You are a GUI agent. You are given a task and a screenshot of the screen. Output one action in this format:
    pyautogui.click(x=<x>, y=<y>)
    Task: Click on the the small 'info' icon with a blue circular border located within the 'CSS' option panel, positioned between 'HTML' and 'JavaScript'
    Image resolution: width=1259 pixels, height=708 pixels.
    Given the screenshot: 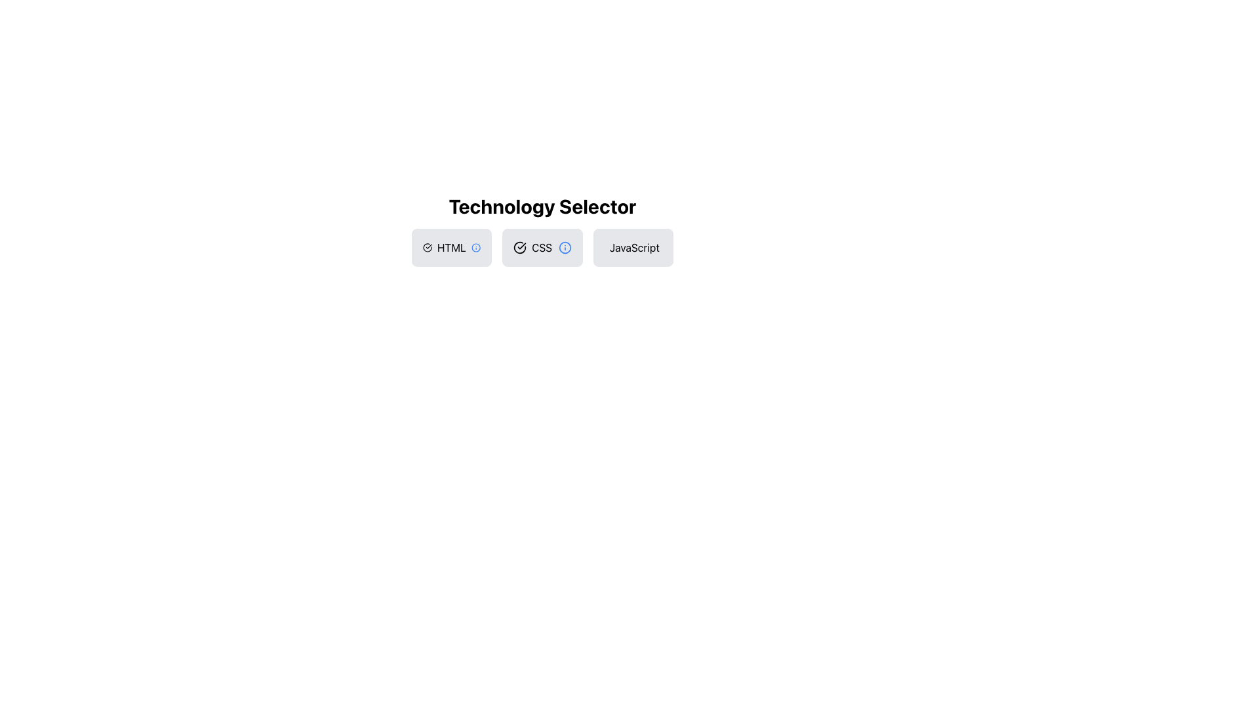 What is the action you would take?
    pyautogui.click(x=565, y=248)
    